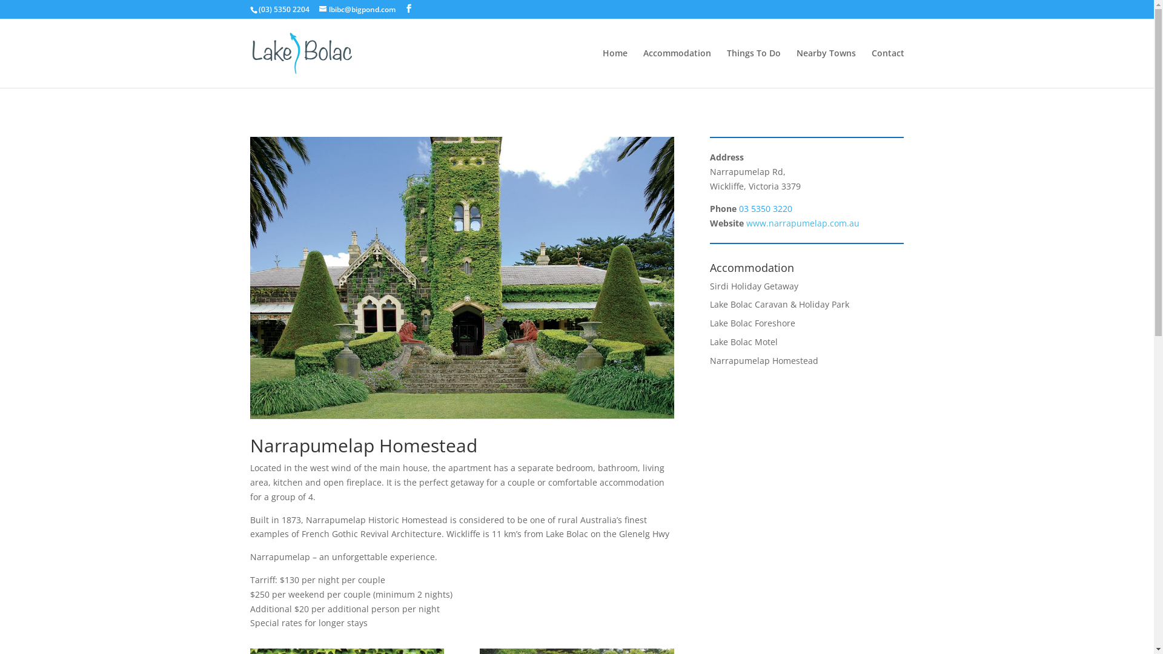  I want to click on 'Lake Bolac Motel', so click(709, 342).